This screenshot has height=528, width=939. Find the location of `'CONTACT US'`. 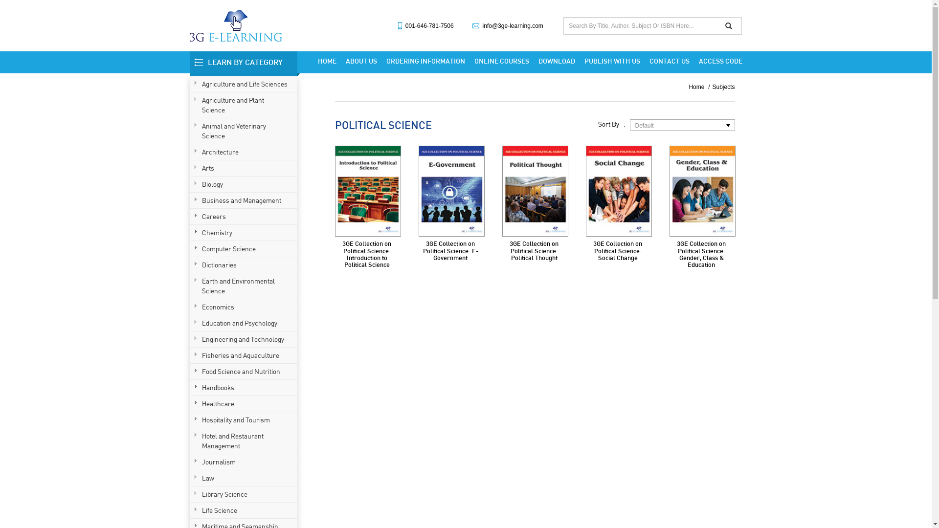

'CONTACT US' is located at coordinates (669, 61).